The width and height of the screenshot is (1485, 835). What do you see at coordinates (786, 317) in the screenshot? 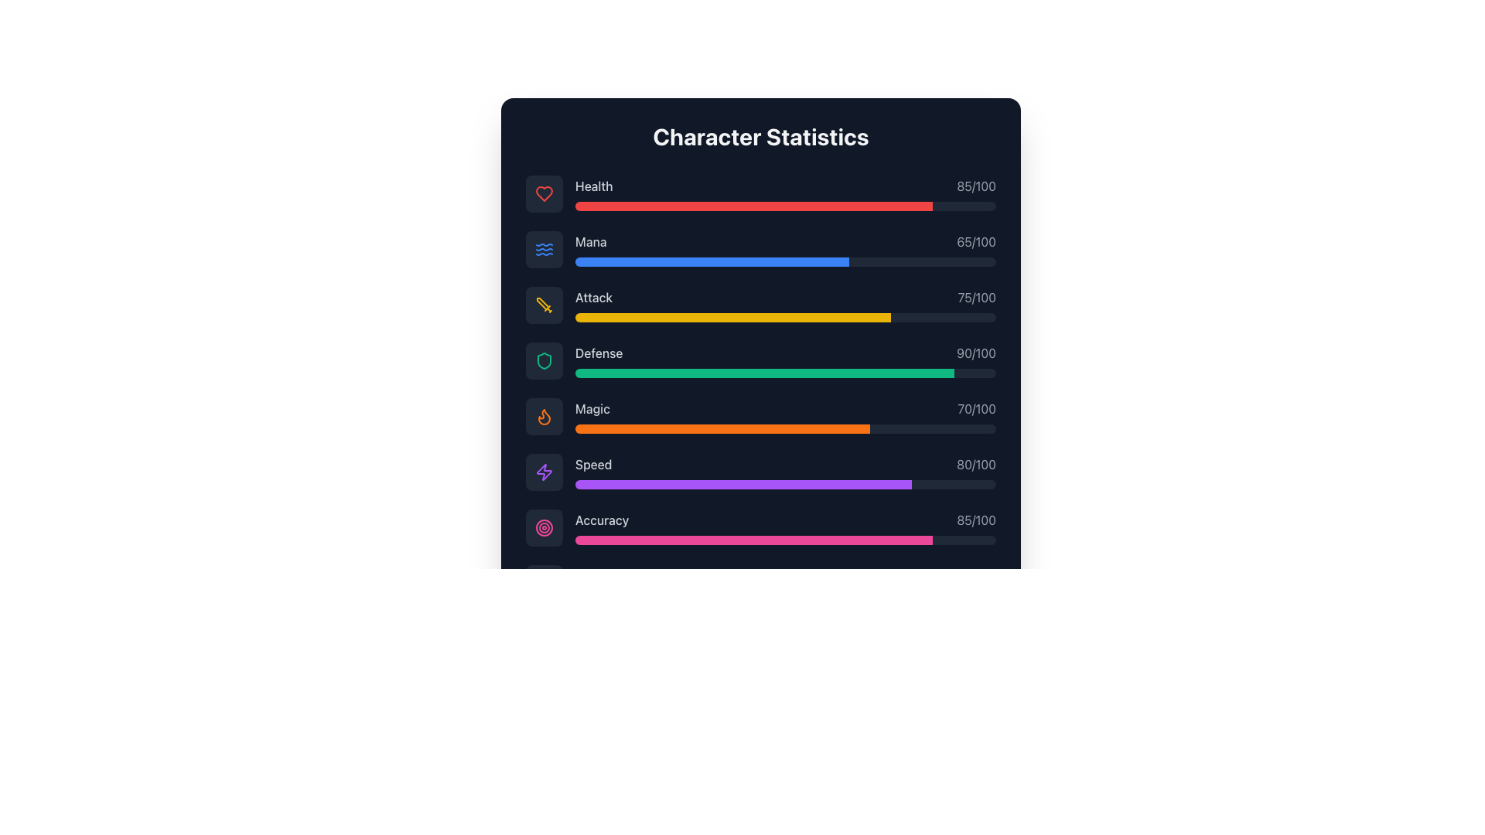
I see `the horizontal progress bar with a rounded design in the 'Attack' row of the 'Character Statistics' section, which has a gray background and a yellow filled portion covering approximately 75% of the bar's length` at bounding box center [786, 317].